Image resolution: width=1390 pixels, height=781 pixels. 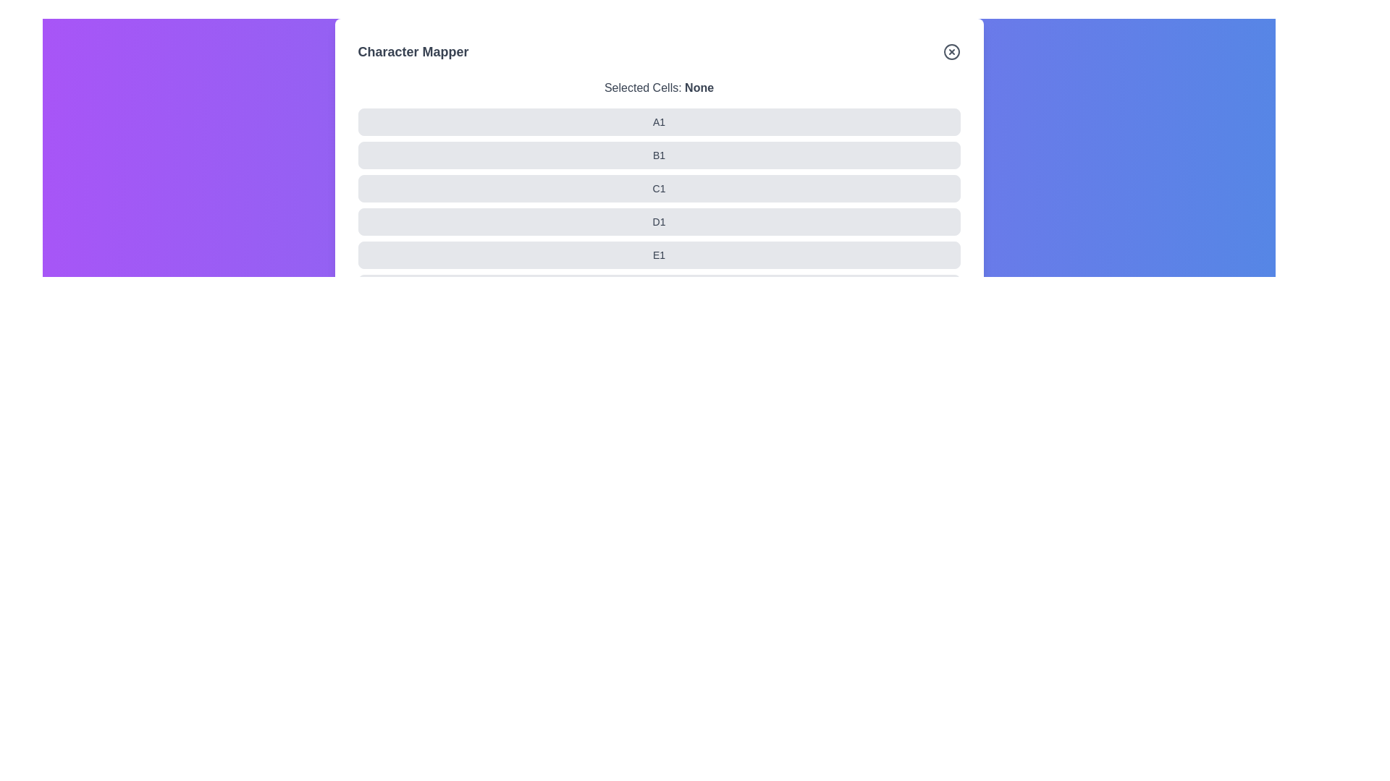 What do you see at coordinates (358, 255) in the screenshot?
I see `the cell labeled E1 in the grid` at bounding box center [358, 255].